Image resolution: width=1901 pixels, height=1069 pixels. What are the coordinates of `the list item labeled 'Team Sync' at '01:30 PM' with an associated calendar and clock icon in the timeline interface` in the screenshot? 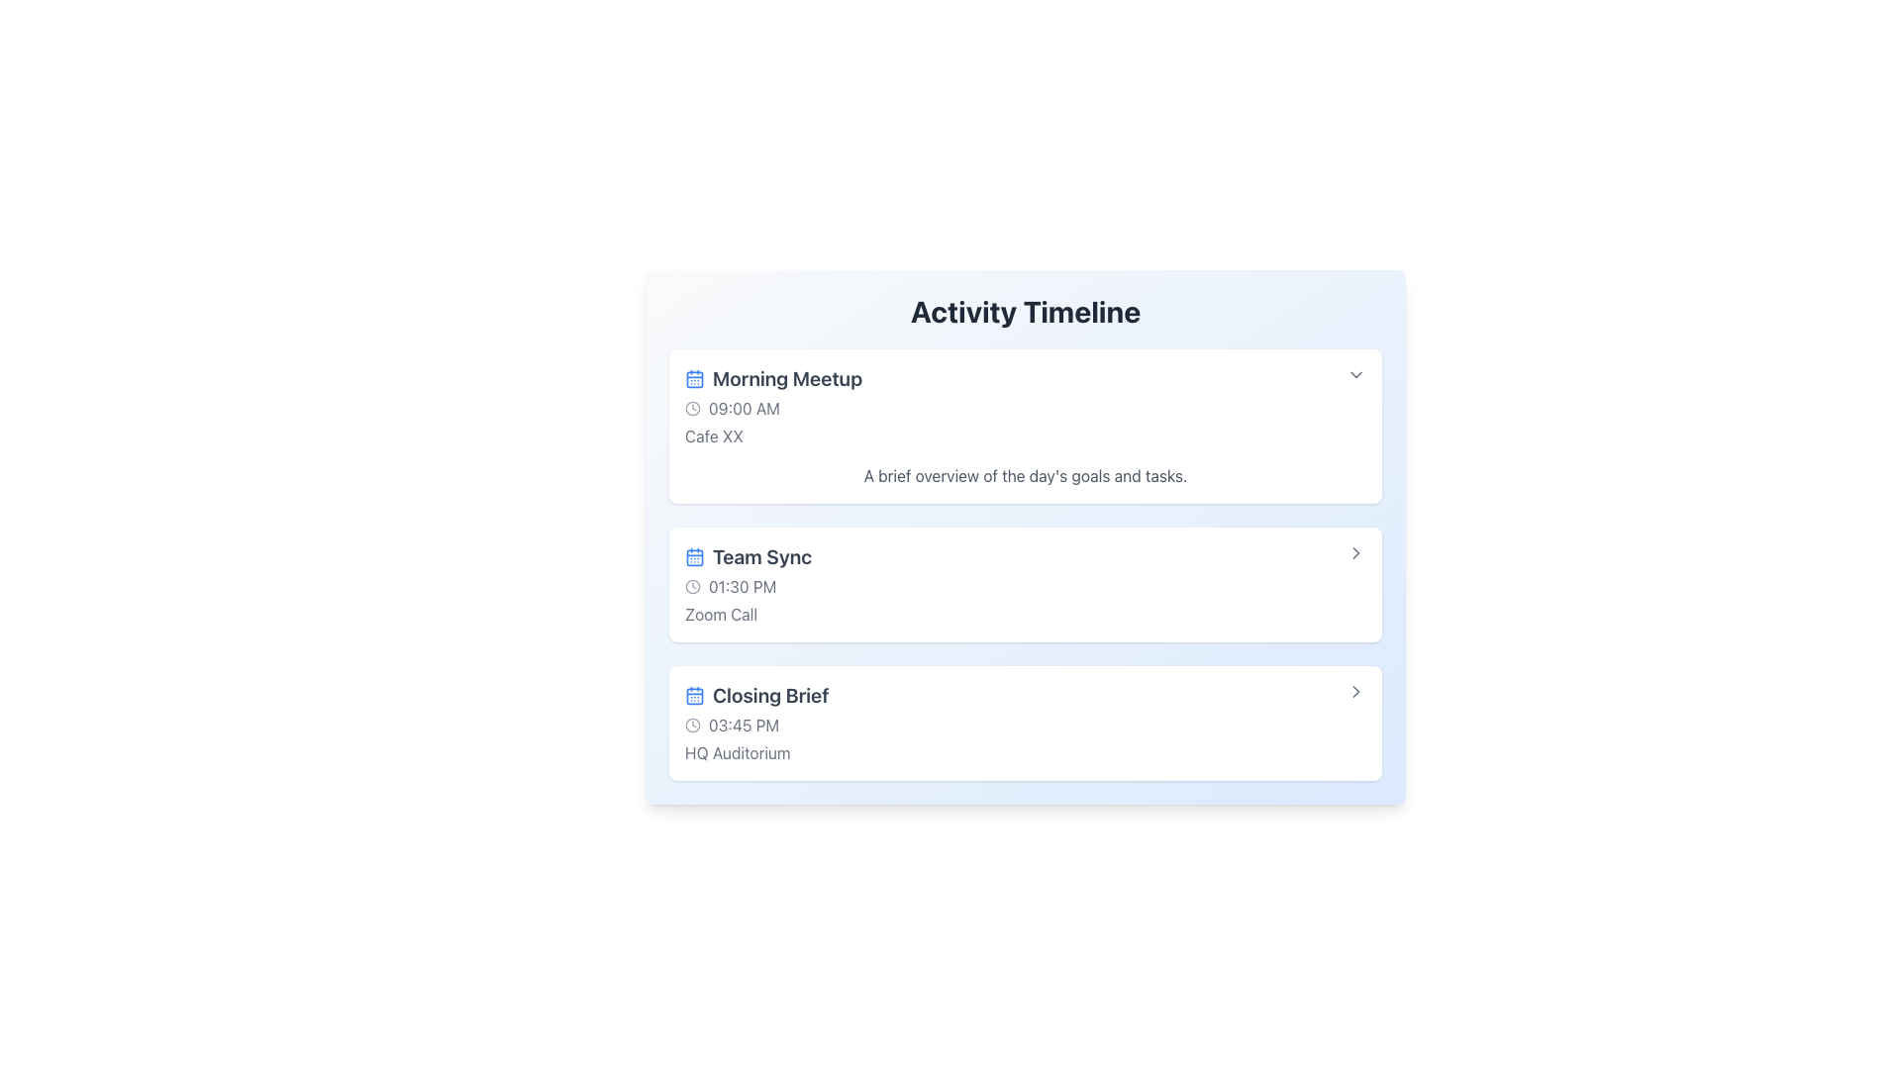 It's located at (748, 583).